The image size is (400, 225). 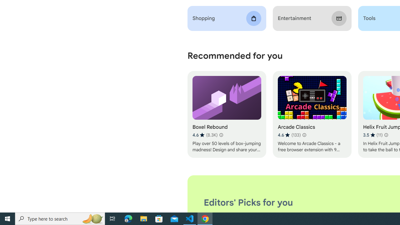 What do you see at coordinates (372, 135) in the screenshot?
I see `'Average rating 3.5 out of 5 stars. 11 ratings.'` at bounding box center [372, 135].